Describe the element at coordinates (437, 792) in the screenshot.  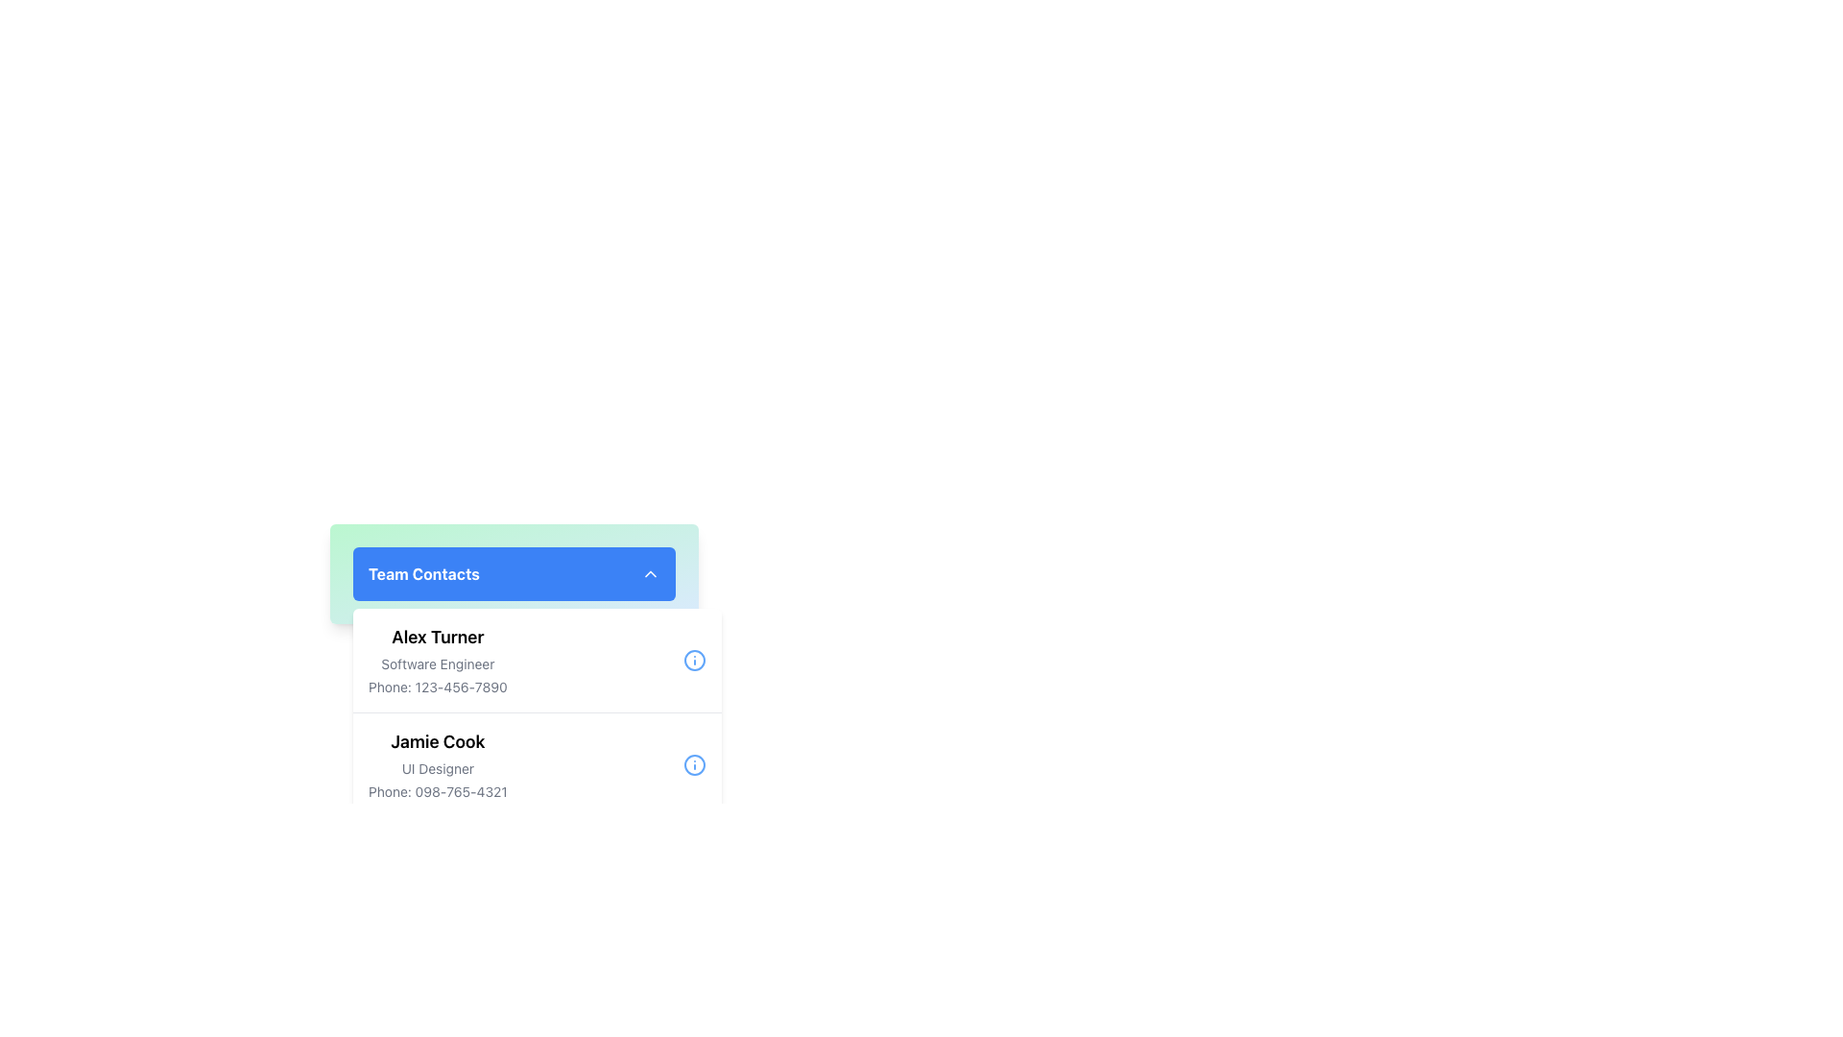
I see `the Static Text Display that shows the contact phone number for Jamie Cook, which is located below the 'UI Designer' line in the 'Team Contacts' section` at that location.